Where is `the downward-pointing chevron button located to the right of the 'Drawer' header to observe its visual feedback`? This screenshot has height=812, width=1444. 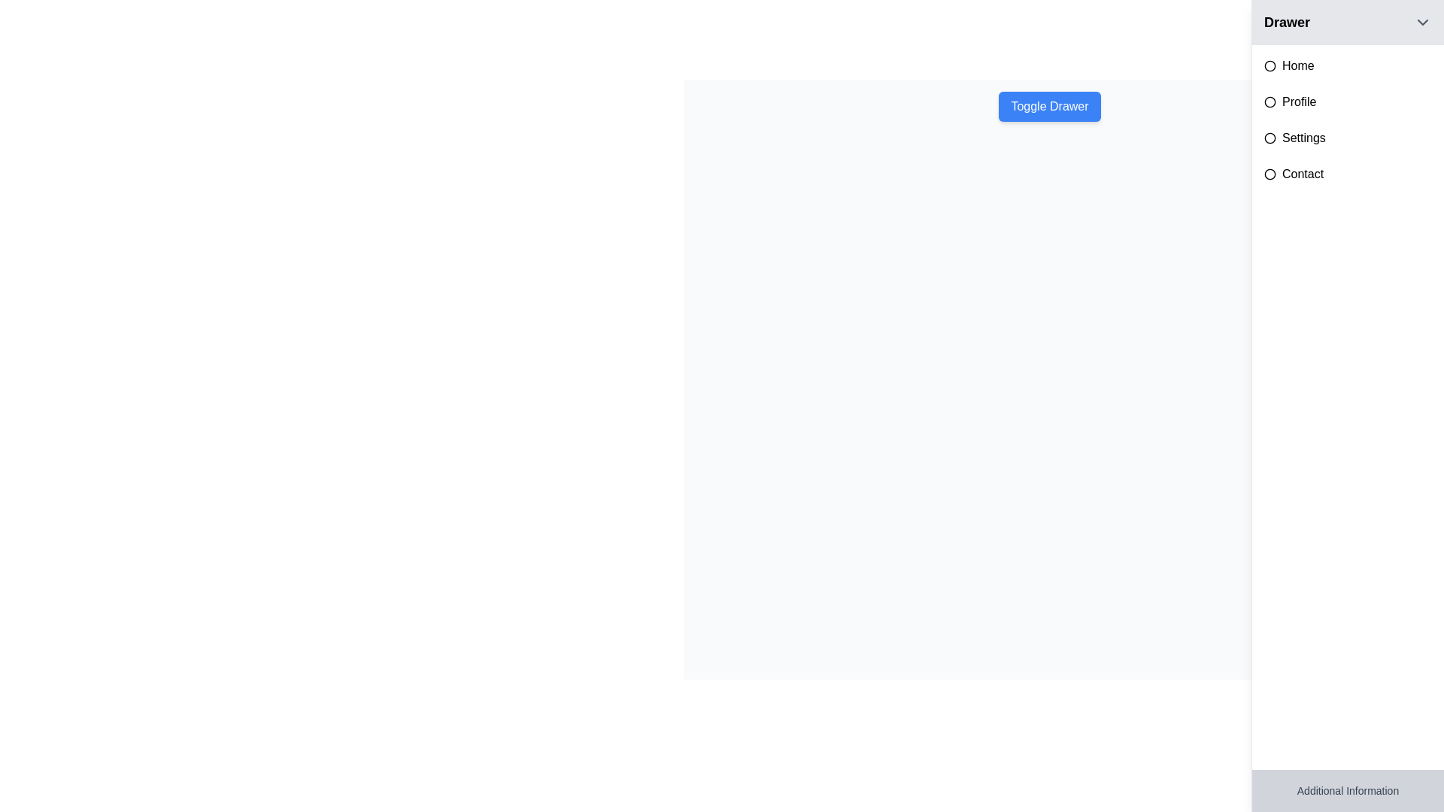 the downward-pointing chevron button located to the right of the 'Drawer' header to observe its visual feedback is located at coordinates (1421, 23).